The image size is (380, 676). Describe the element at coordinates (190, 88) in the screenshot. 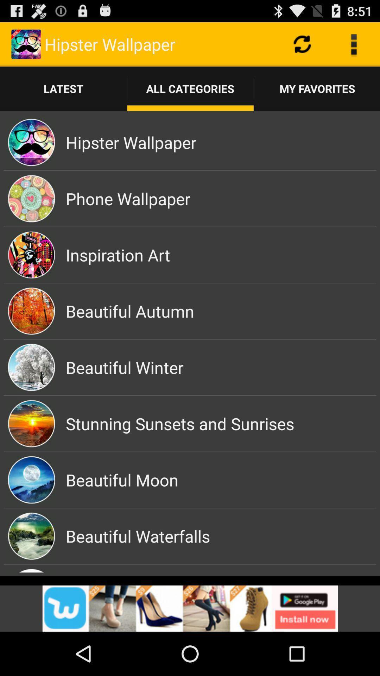

I see `the button which is next to the latest` at that location.